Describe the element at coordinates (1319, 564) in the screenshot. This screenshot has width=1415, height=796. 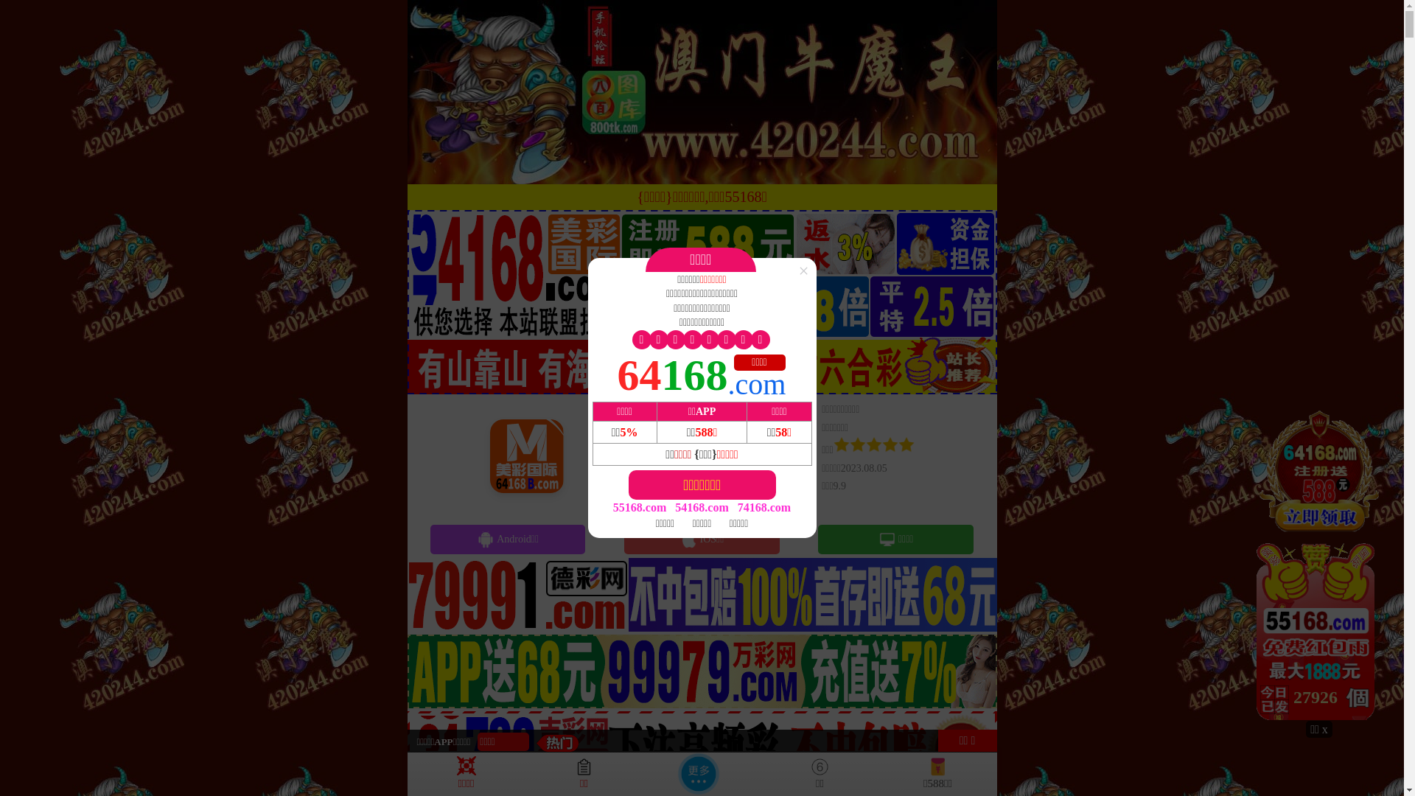
I see `'28026'` at that location.